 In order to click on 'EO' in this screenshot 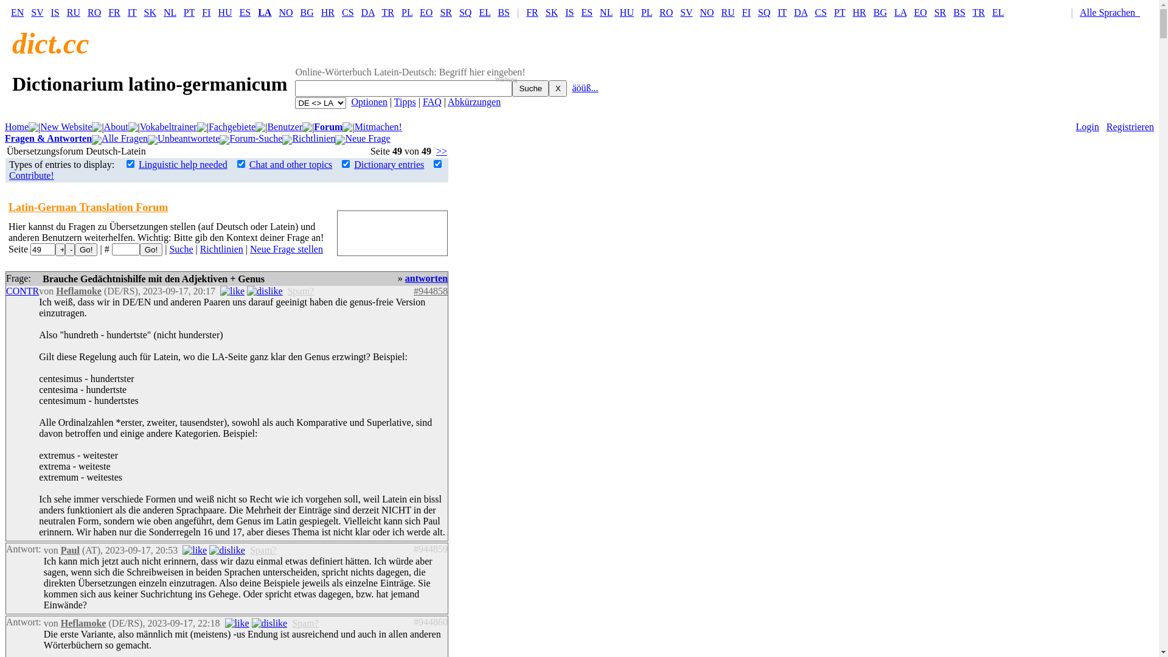, I will do `click(426, 12)`.